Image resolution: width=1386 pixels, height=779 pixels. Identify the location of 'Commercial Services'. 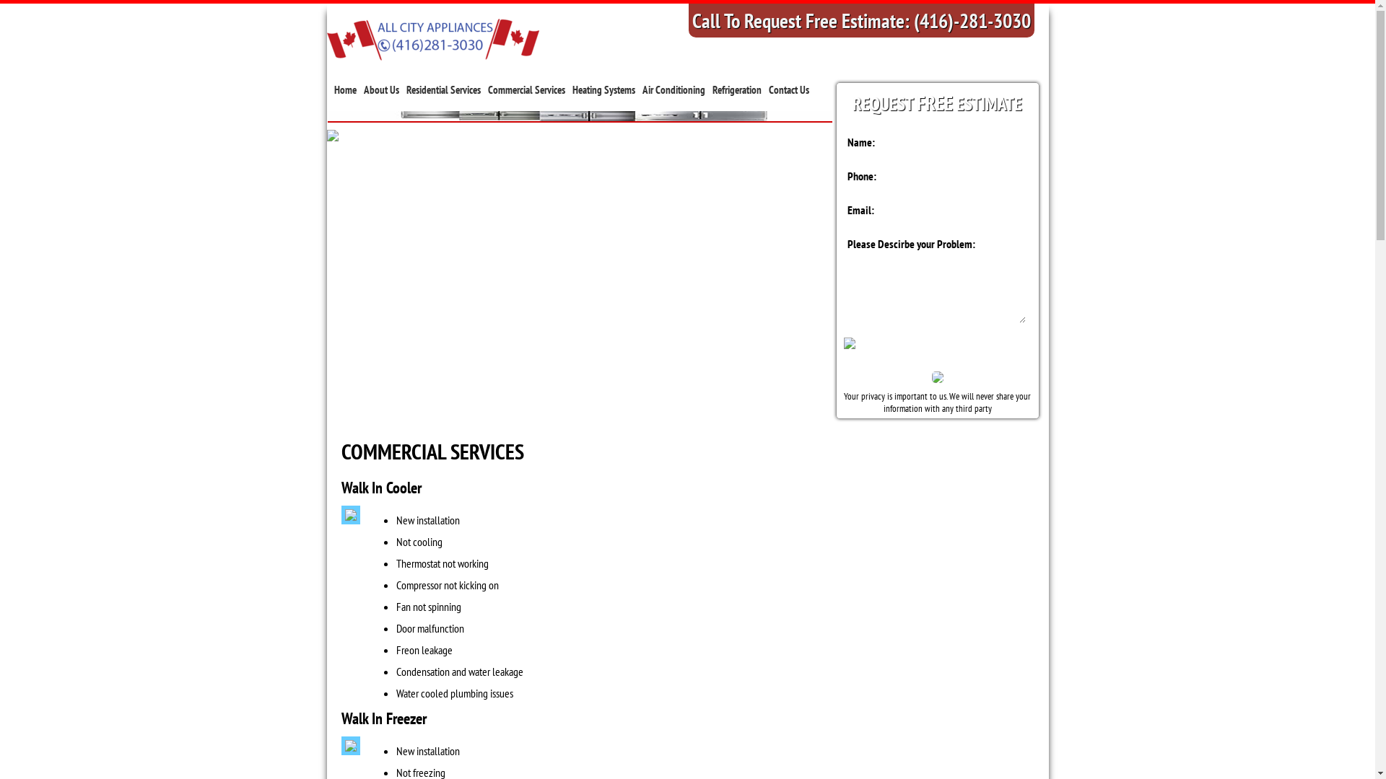
(526, 89).